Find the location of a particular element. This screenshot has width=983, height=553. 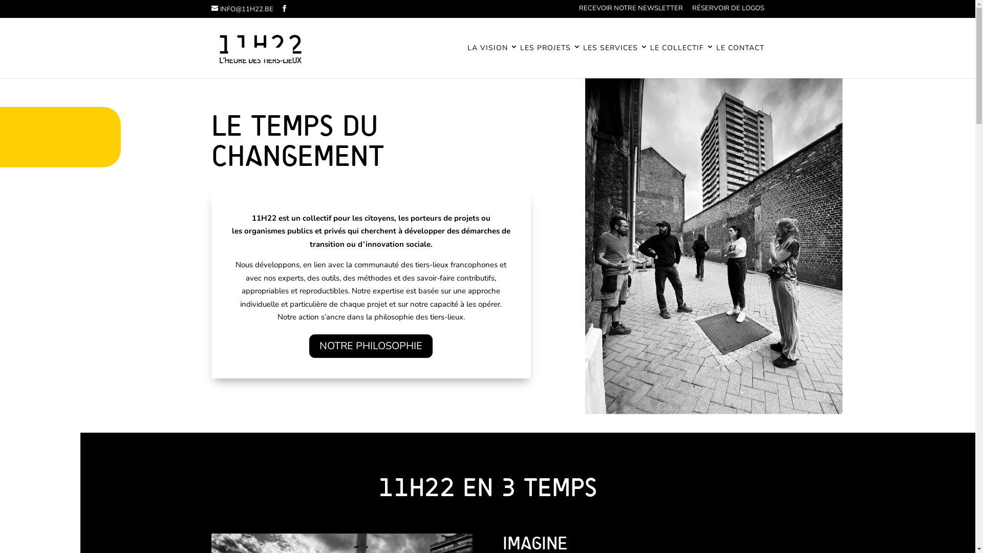

'LE CONTACT' is located at coordinates (739, 61).